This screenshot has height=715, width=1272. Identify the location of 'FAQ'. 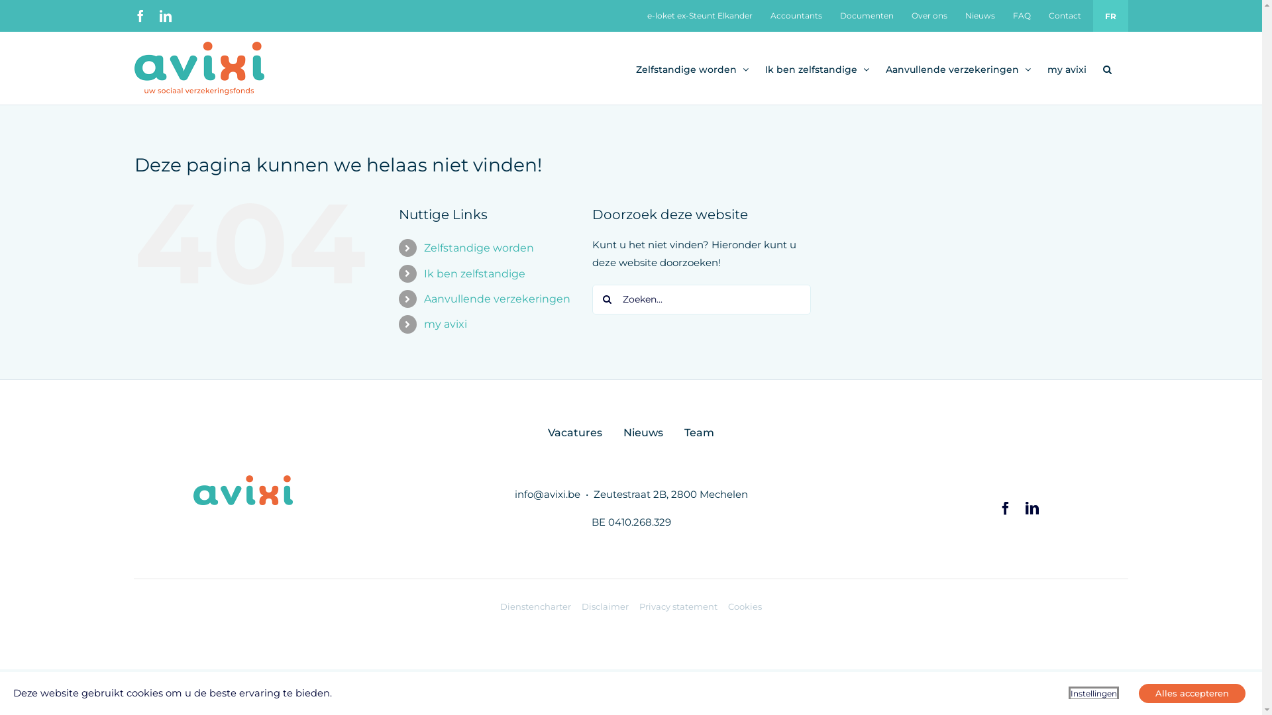
(1021, 15).